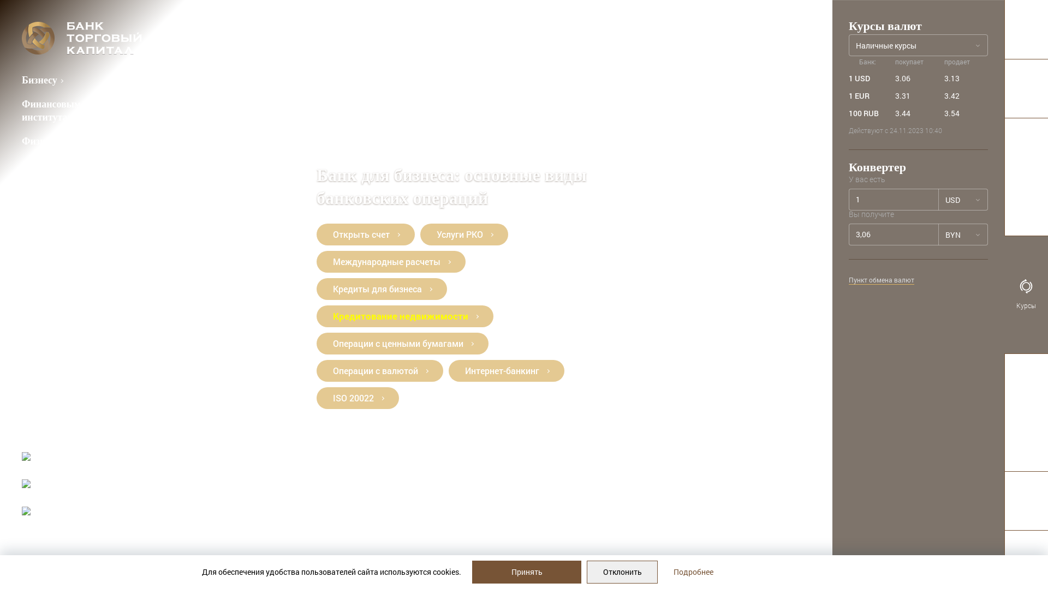 The height and width of the screenshot is (589, 1048). Describe the element at coordinates (358, 398) in the screenshot. I see `'ISO 20022'` at that location.